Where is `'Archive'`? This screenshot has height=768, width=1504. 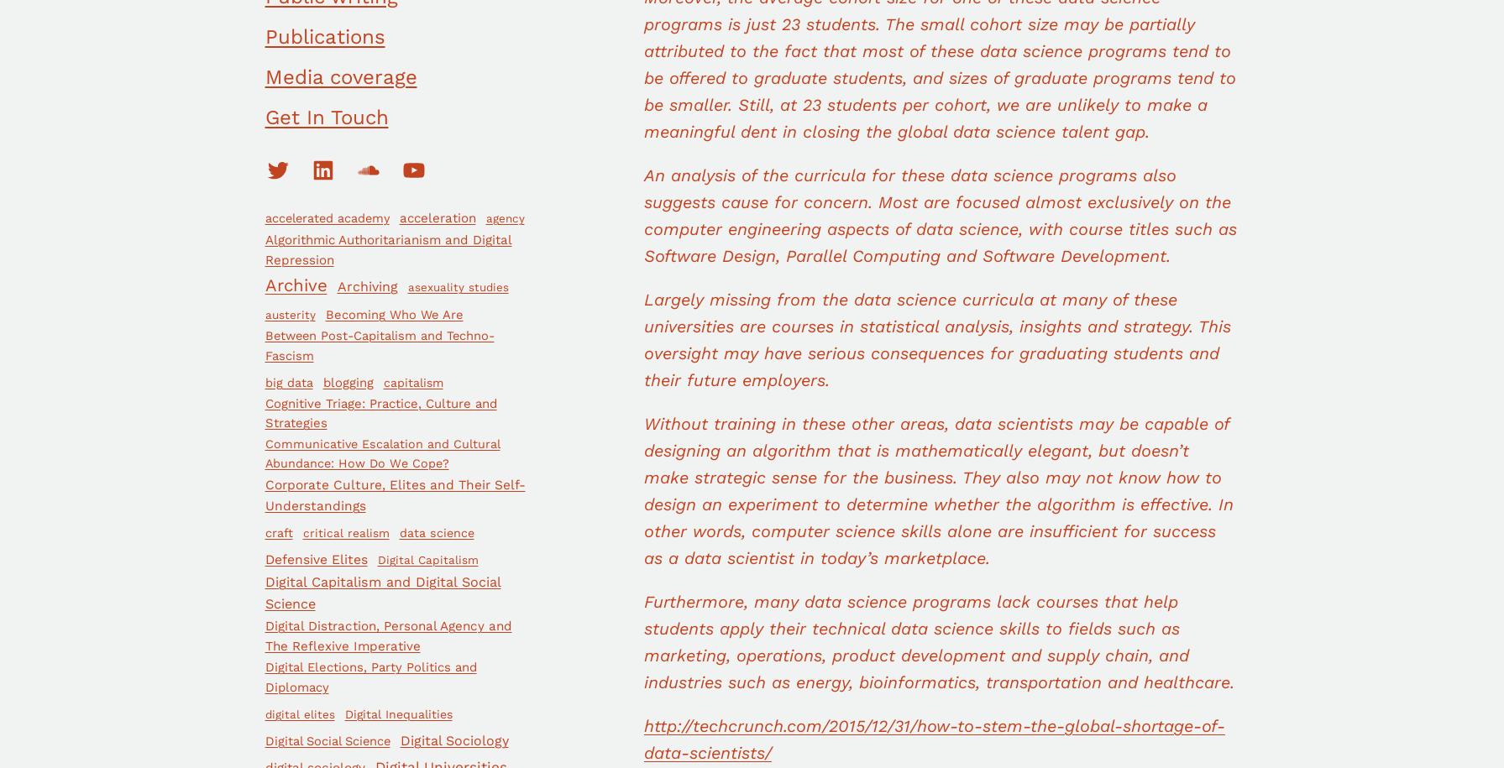
'Archive' is located at coordinates (295, 285).